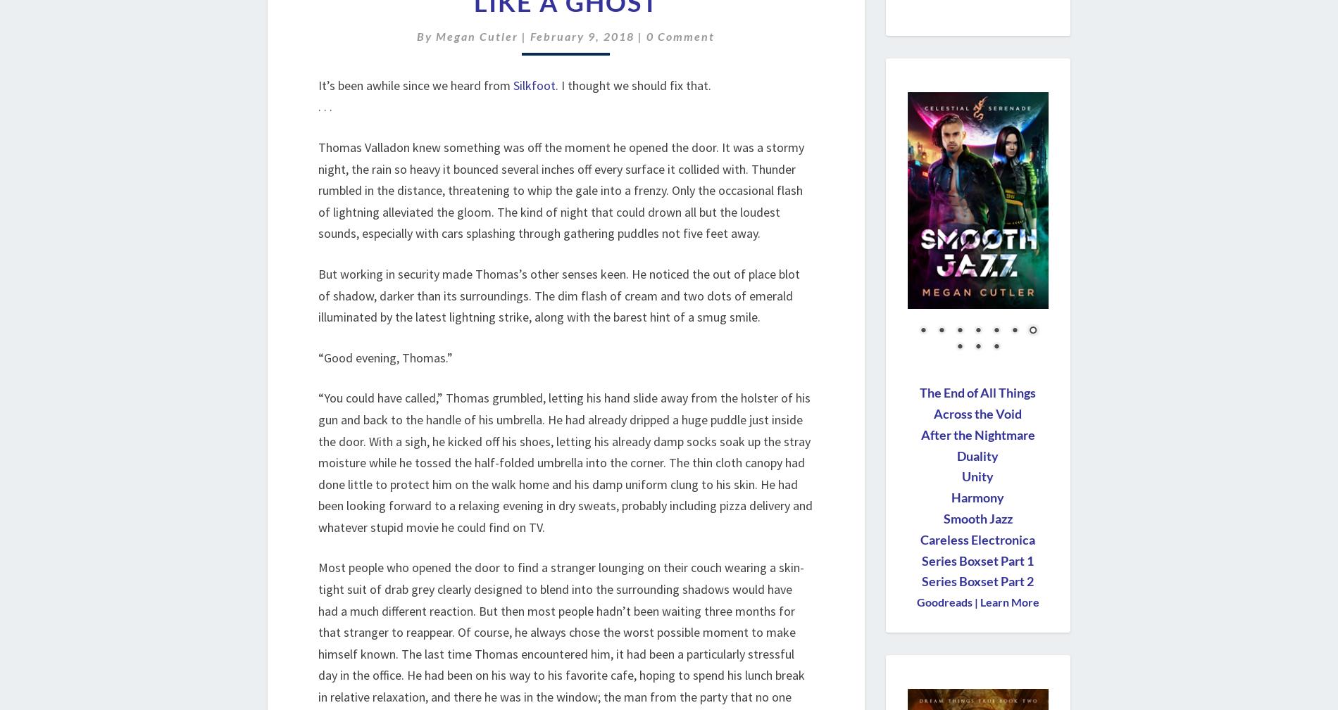 The width and height of the screenshot is (1338, 710). I want to click on 'February 9, 2018', so click(583, 34).